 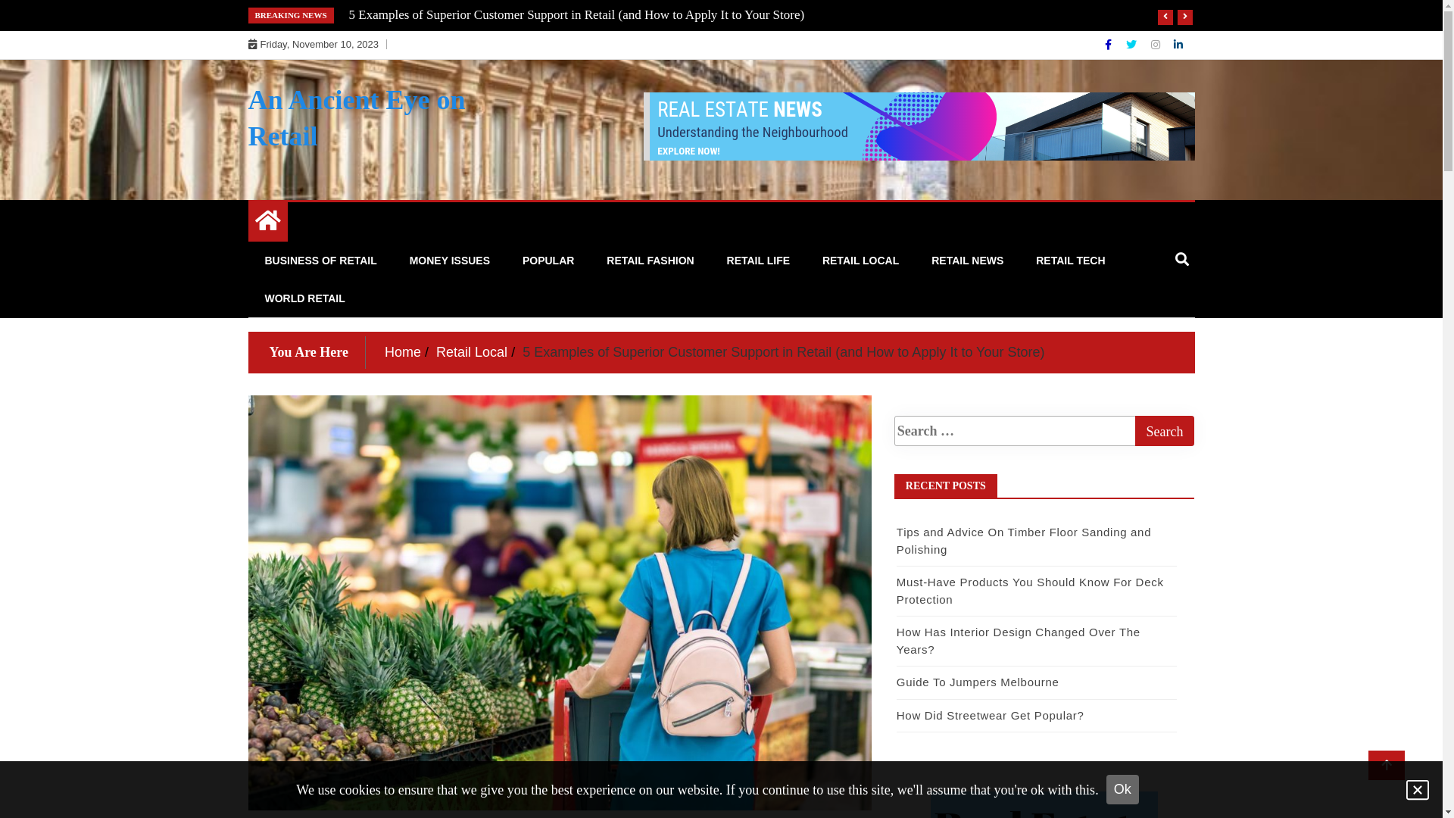 What do you see at coordinates (1018, 640) in the screenshot?
I see `'How Has Interior Design Changed Over The Years?'` at bounding box center [1018, 640].